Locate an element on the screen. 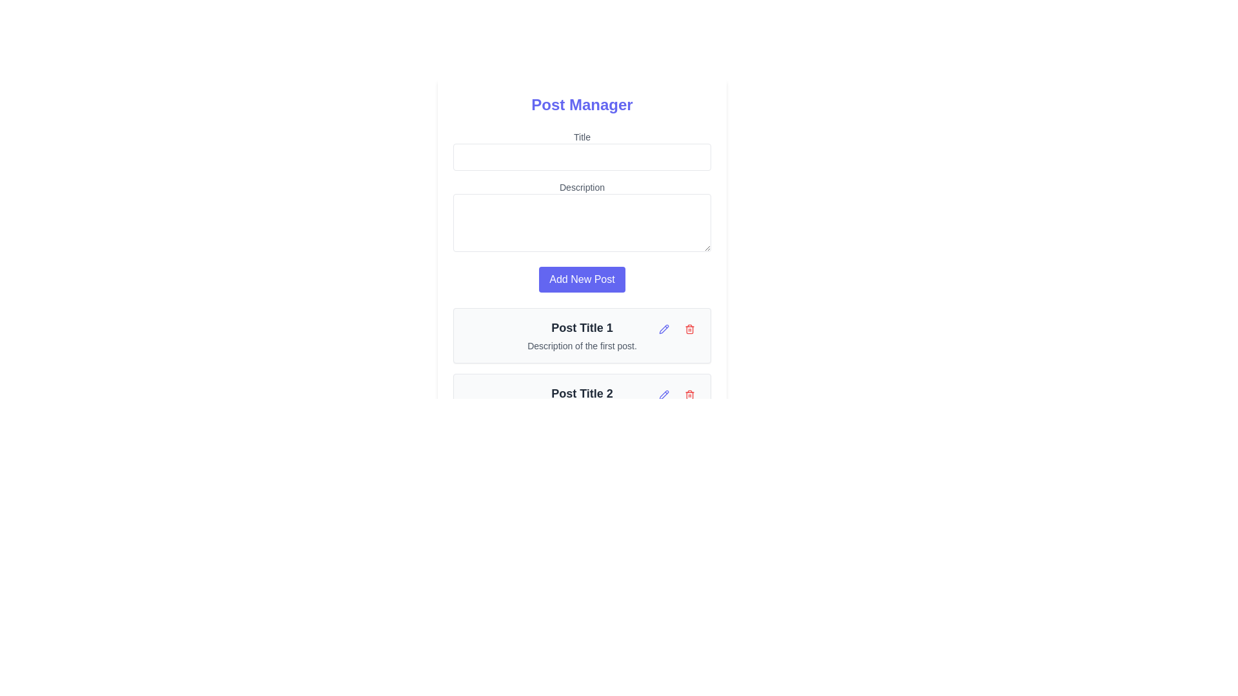 This screenshot has width=1238, height=696. the delete button, which is a red circular icon with a trash bin symbol, located in the top-right corner of the 'Post Title 1' card in the Post Manager interface is located at coordinates (676, 328).